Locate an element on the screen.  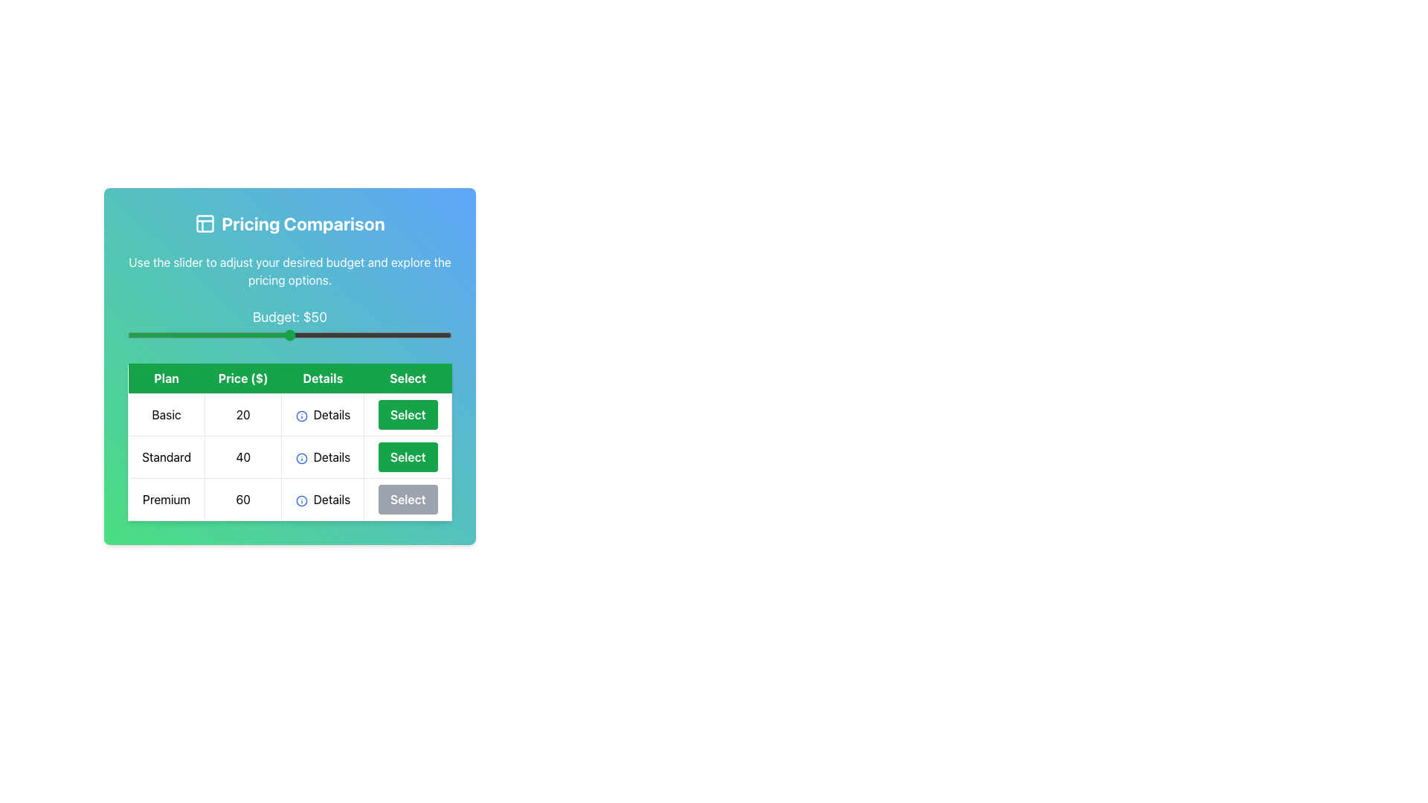
the static text label that serves as the header for the pricing information column, which is centrally aligned in the table and positioned between the 'Plan' and 'Details' columns is located at coordinates (243, 378).